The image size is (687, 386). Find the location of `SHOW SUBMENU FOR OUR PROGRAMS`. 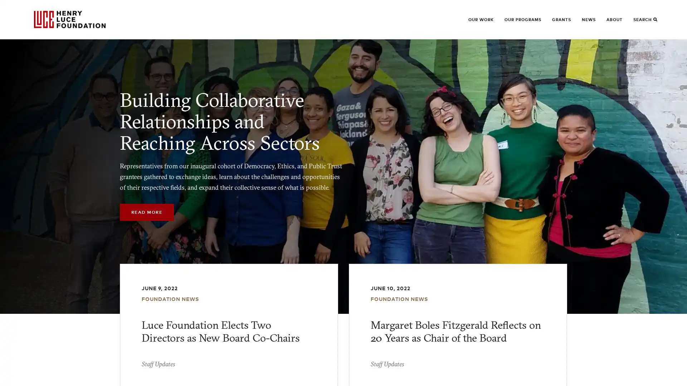

SHOW SUBMENU FOR OUR PROGRAMS is located at coordinates (516, 23).